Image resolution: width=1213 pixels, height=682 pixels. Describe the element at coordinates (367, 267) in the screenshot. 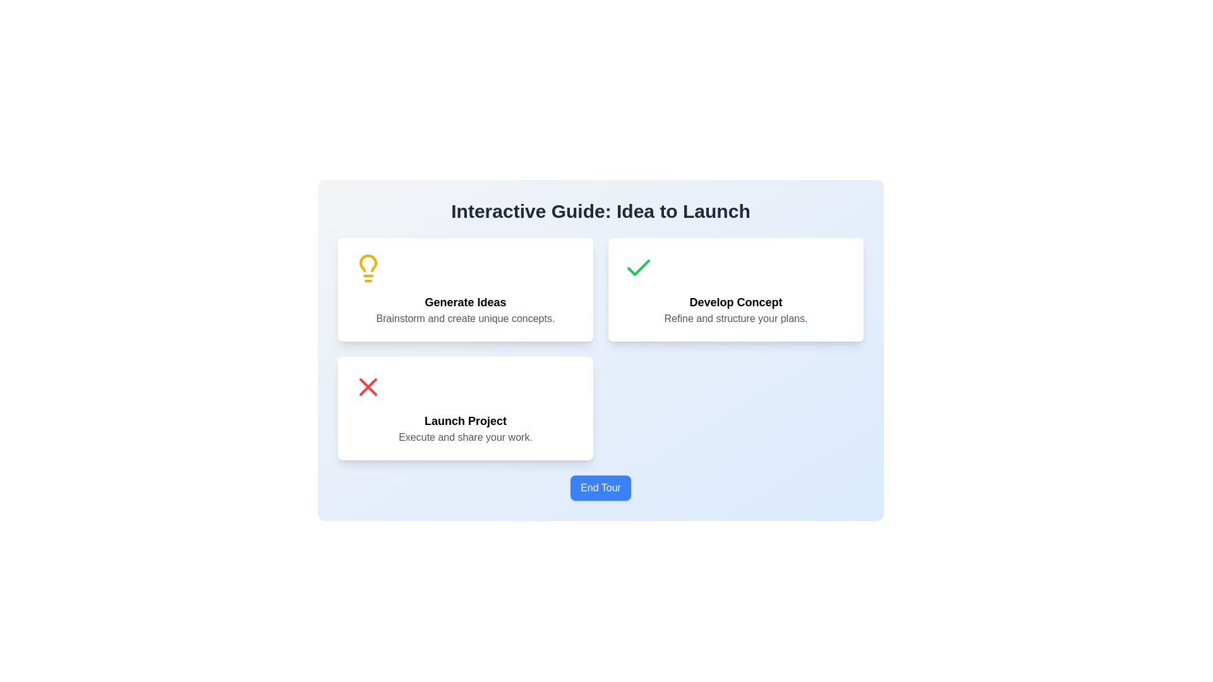

I see `the icon representing the idea generation process located in the 'Generate Ideas' card, which is part of a three-card grid layout` at that location.